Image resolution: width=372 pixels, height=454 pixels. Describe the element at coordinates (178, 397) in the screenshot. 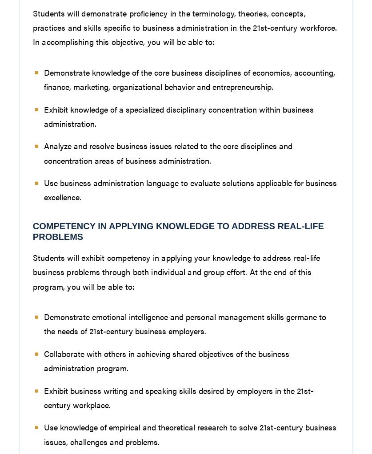

I see `'Exhibit business writing and speaking skills desired by employers in the 21st-century workplace.'` at that location.